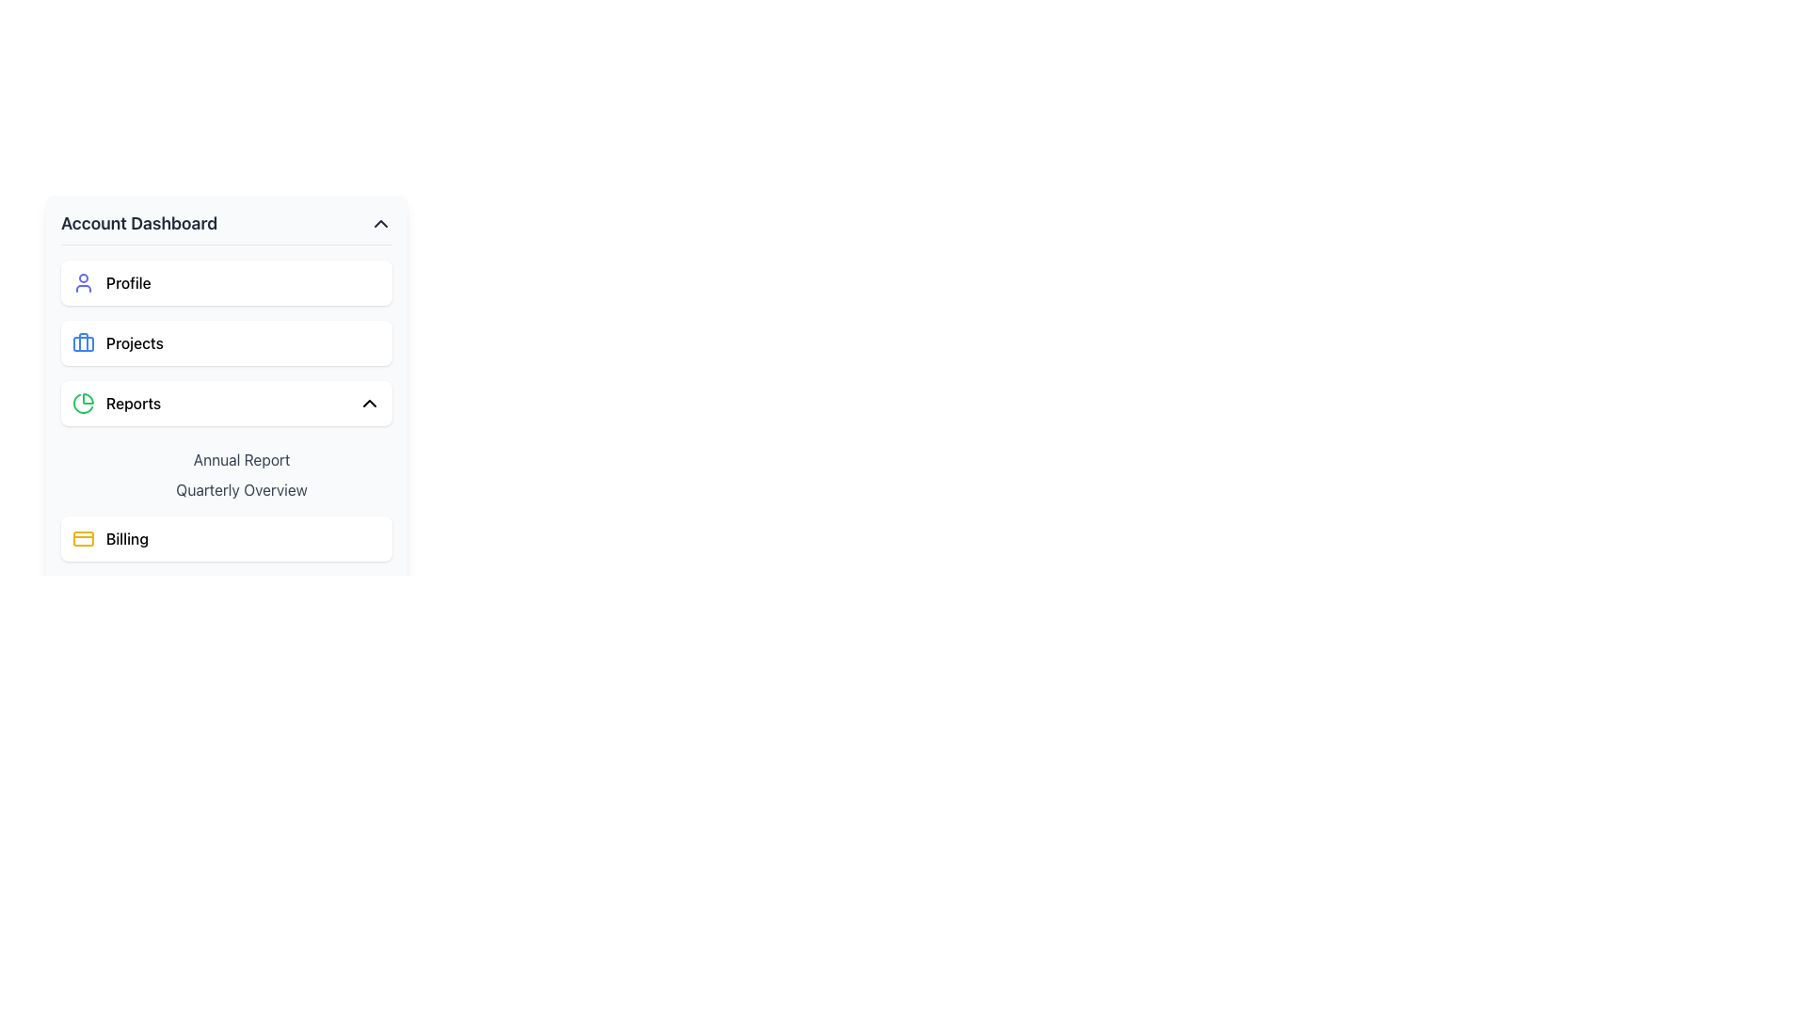 The width and height of the screenshot is (1807, 1016). What do you see at coordinates (126, 539) in the screenshot?
I see `text content of the label indicating billing features located at the bottom of a vertical list in the sidebar` at bounding box center [126, 539].